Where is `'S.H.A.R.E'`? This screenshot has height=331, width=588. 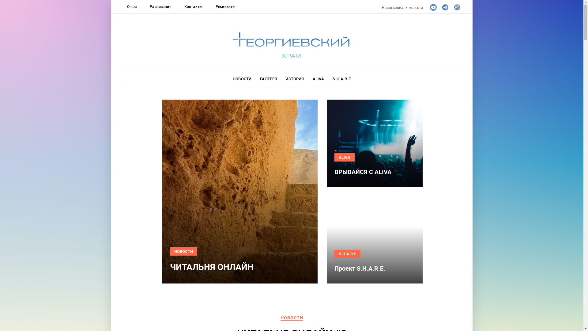 'S.H.A.R.E' is located at coordinates (347, 254).